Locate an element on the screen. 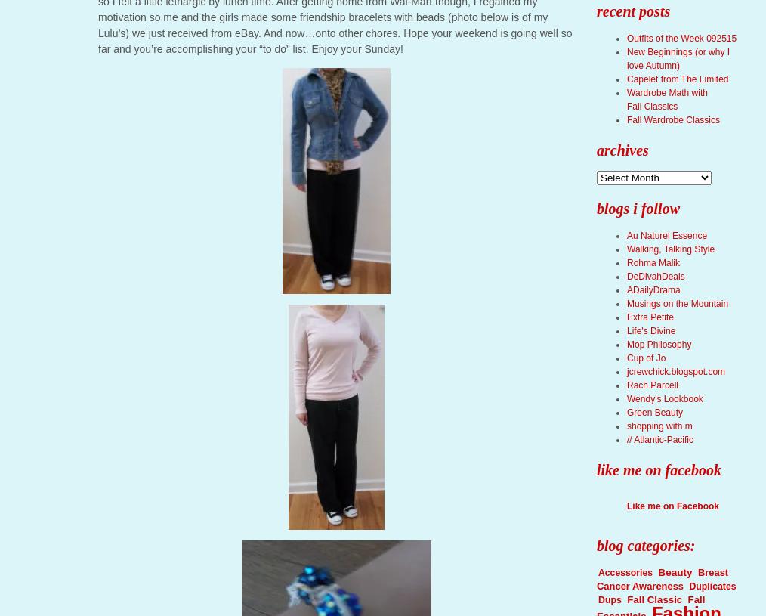 The height and width of the screenshot is (616, 766). 'Wardrobe Math with Fall Classics' is located at coordinates (666, 99).